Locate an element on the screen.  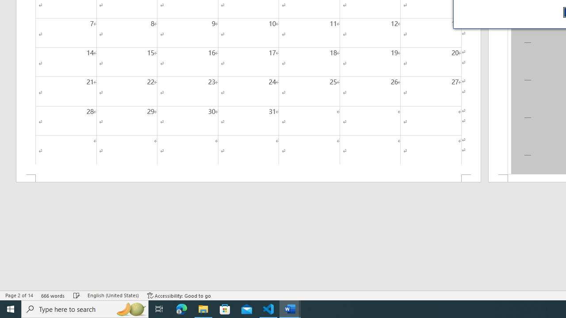
'Spelling and Grammar Check Checking' is located at coordinates (76, 295).